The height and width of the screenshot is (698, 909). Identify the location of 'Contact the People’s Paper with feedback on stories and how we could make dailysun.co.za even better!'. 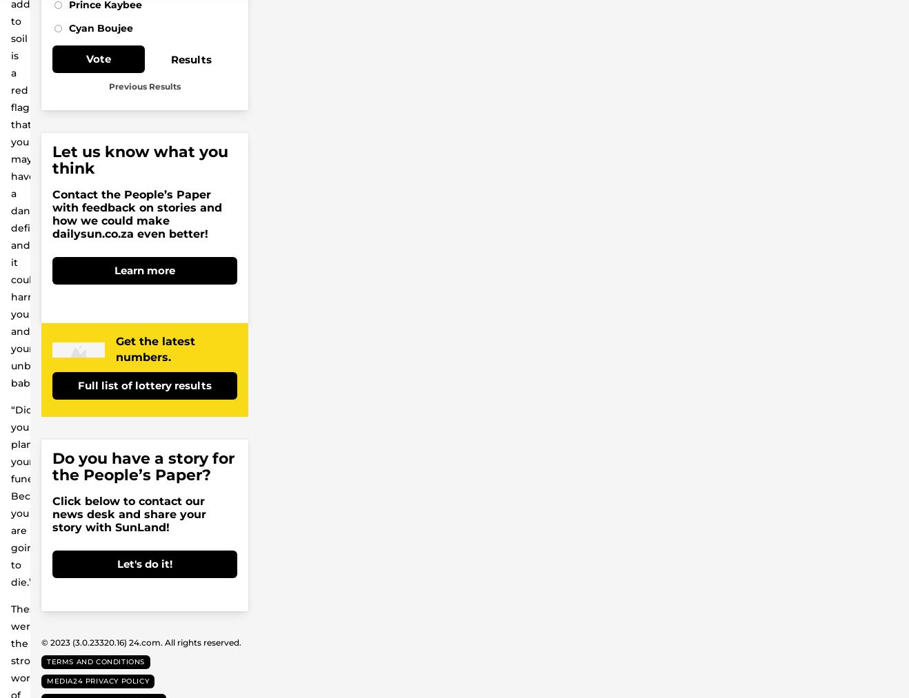
(137, 214).